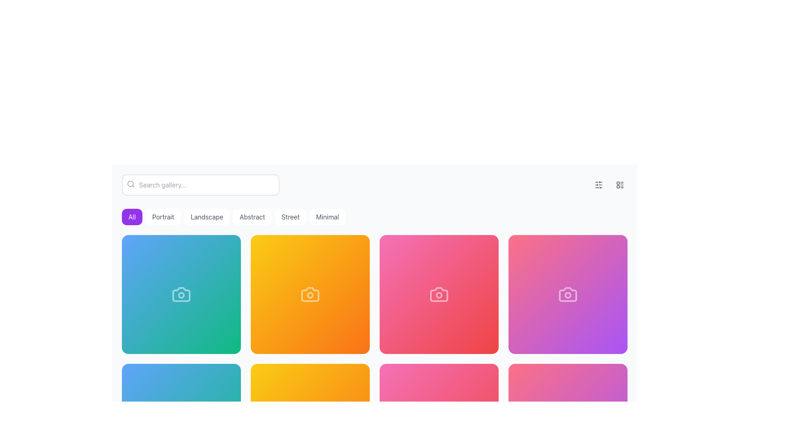 The width and height of the screenshot is (788, 443). Describe the element at coordinates (309, 294) in the screenshot. I see `the camera icon located in the second tile of the first row within the gallery interface, which is styled with a yellow-orange gradient` at that location.